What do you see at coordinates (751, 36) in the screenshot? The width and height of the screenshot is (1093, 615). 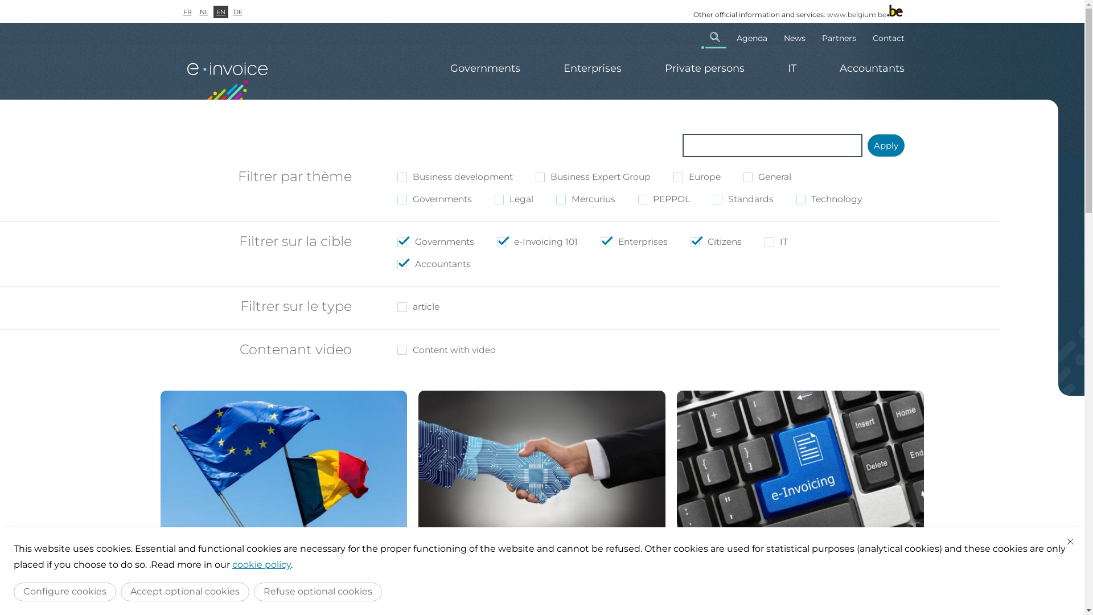 I see `'Agenda'` at bounding box center [751, 36].